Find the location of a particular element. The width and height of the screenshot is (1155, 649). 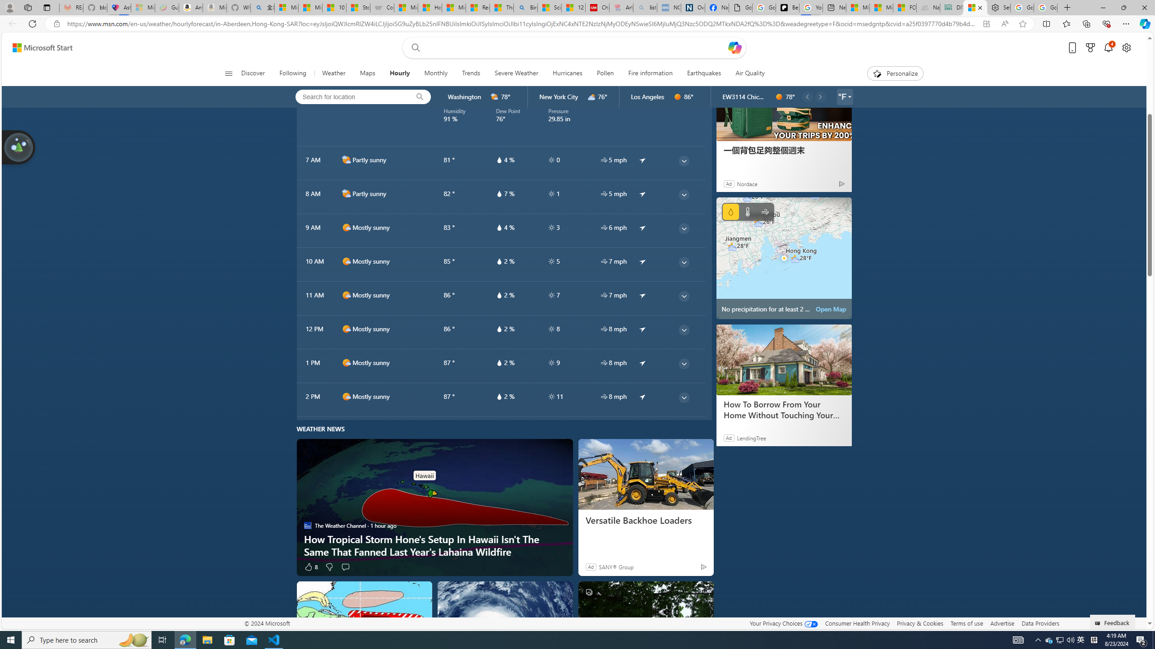

'Terms of use' is located at coordinates (966, 623).